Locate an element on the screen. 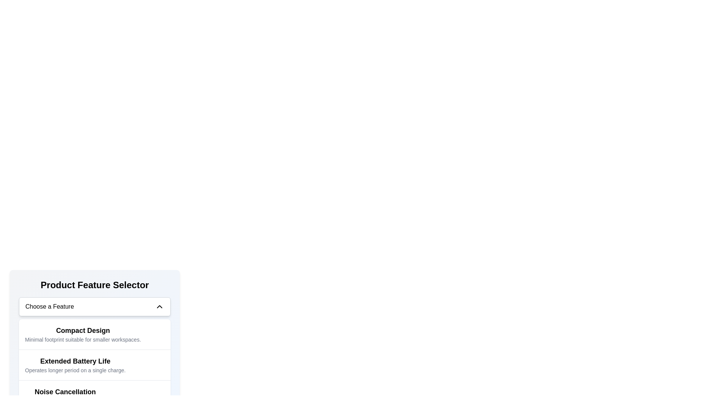 This screenshot has width=728, height=409. descriptive text label 'Operates longer period on a single charge.' which is styled in smaller gray font and located directly below the heading 'Extended Battery Life' in the 'Product Feature Selector' section is located at coordinates (75, 370).